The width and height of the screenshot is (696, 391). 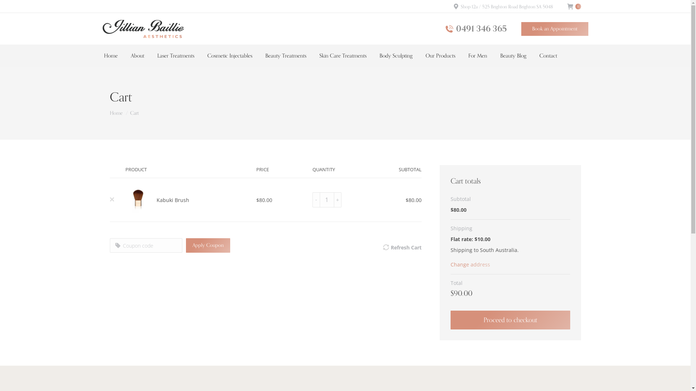 What do you see at coordinates (440, 55) in the screenshot?
I see `'Our Products'` at bounding box center [440, 55].